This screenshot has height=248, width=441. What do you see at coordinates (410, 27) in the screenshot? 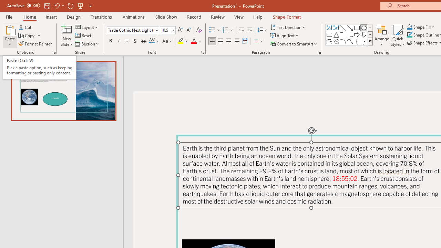
I see `'Shape Fill Aqua, Accent 2'` at bounding box center [410, 27].